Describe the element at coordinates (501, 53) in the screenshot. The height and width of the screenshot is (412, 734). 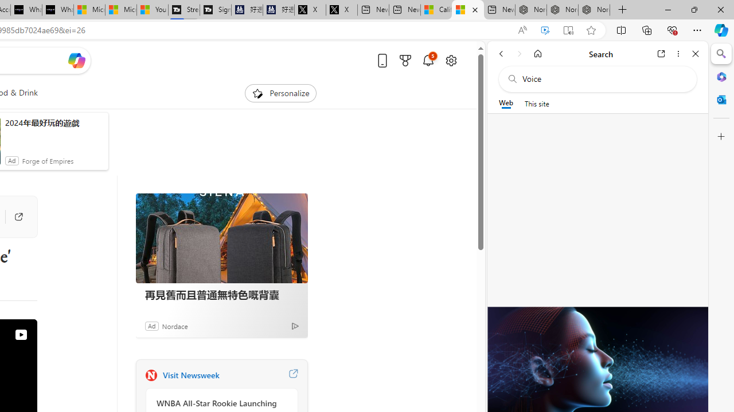
I see `'Back'` at that location.